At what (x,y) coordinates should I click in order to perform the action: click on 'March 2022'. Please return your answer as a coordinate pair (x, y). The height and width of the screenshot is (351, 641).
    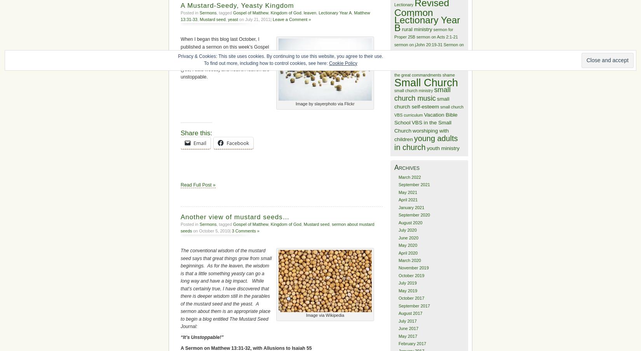
    Looking at the image, I should click on (409, 177).